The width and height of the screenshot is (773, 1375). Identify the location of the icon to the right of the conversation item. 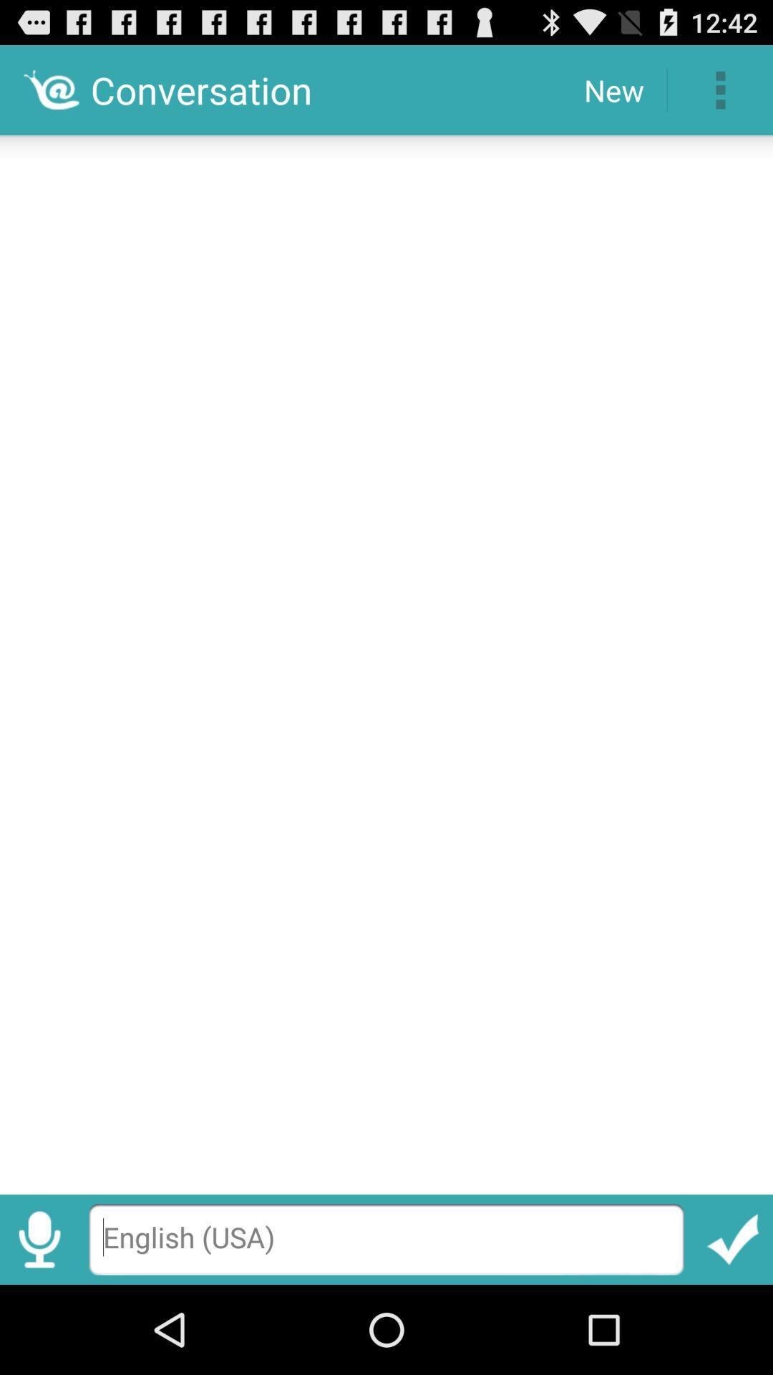
(613, 89).